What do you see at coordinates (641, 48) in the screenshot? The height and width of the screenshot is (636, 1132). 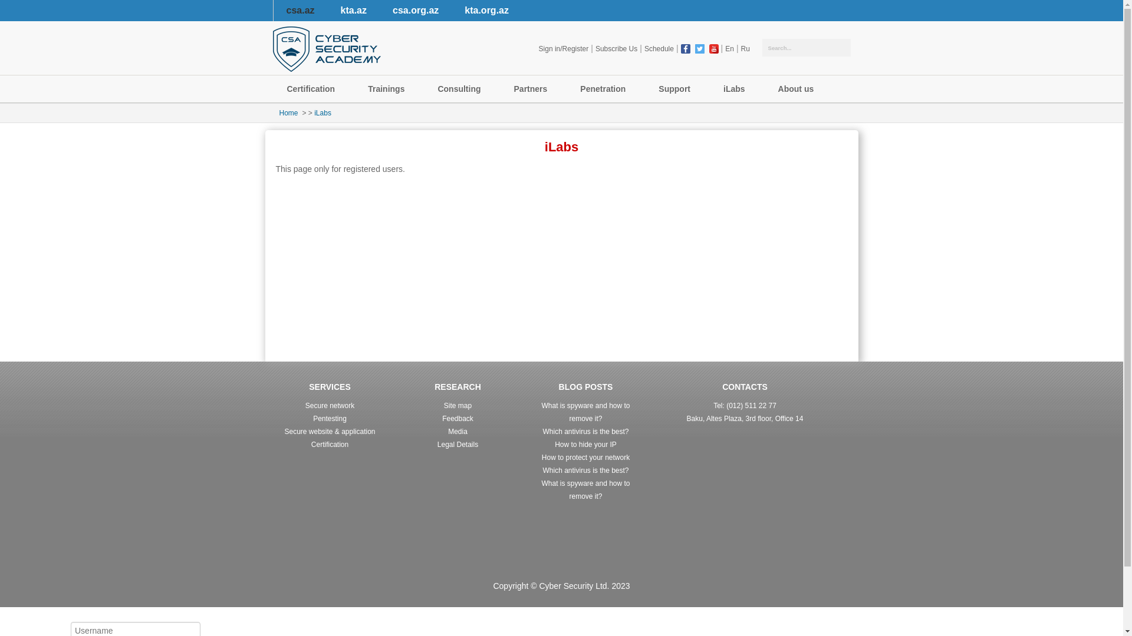 I see `'Schedule'` at bounding box center [641, 48].